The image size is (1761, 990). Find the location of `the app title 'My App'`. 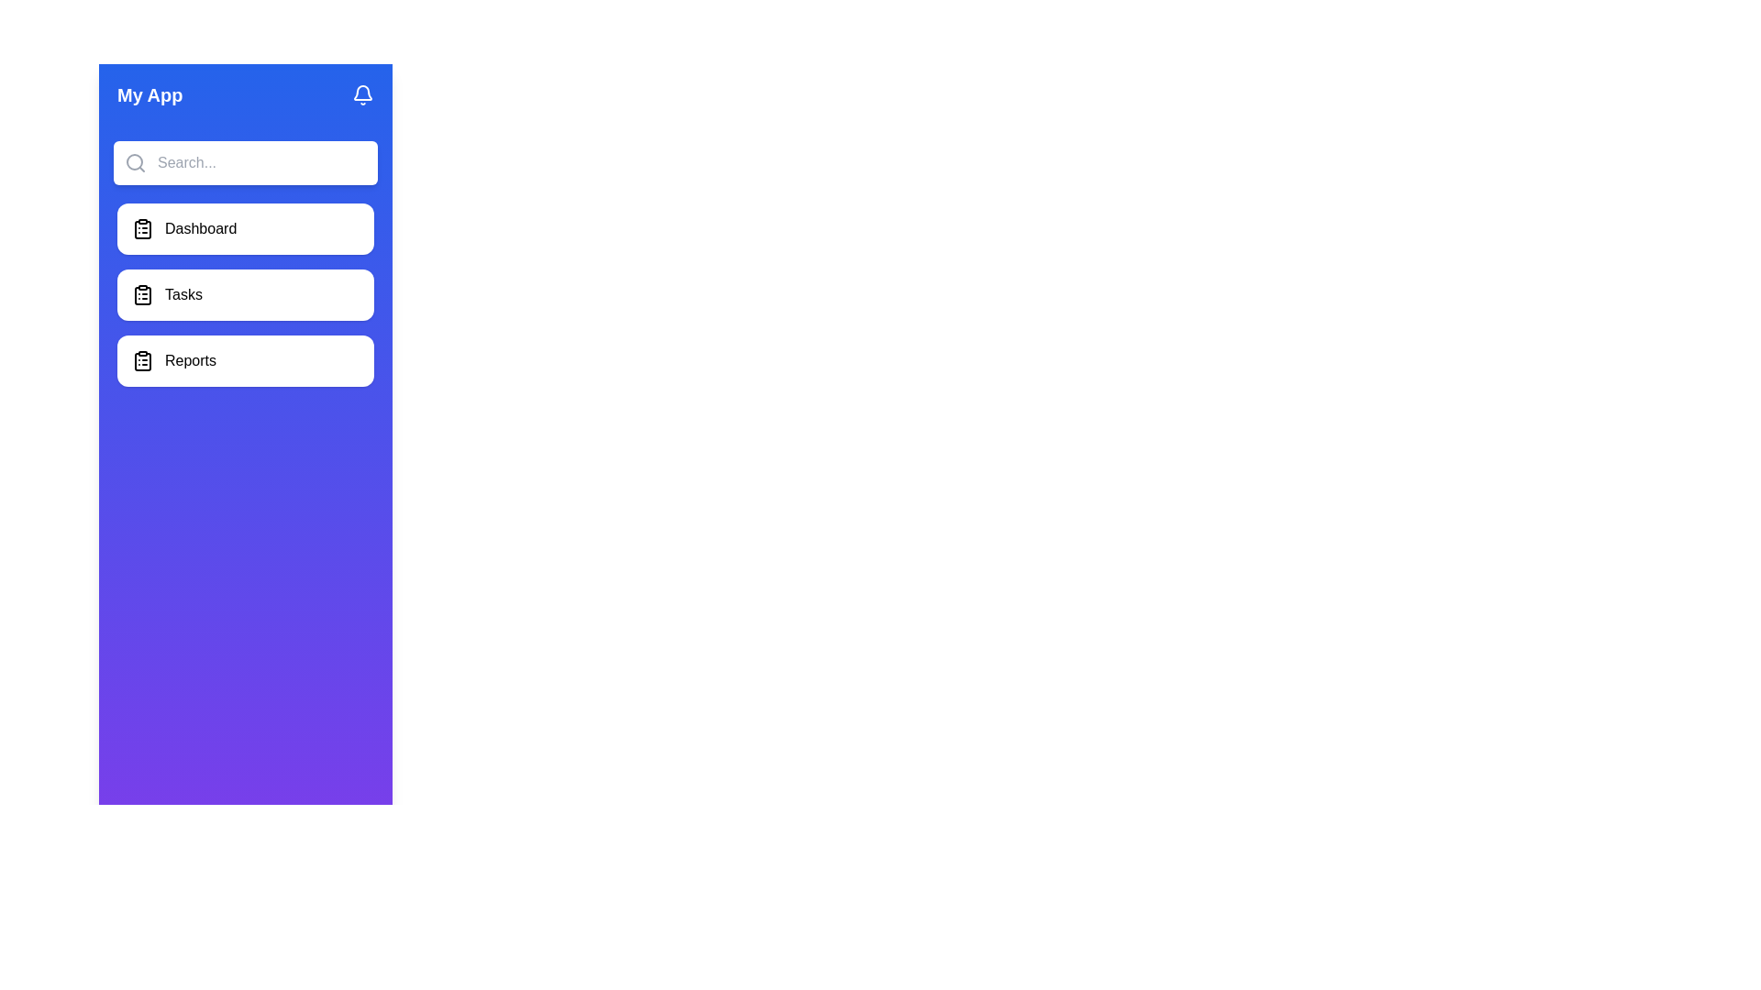

the app title 'My App' is located at coordinates (150, 95).